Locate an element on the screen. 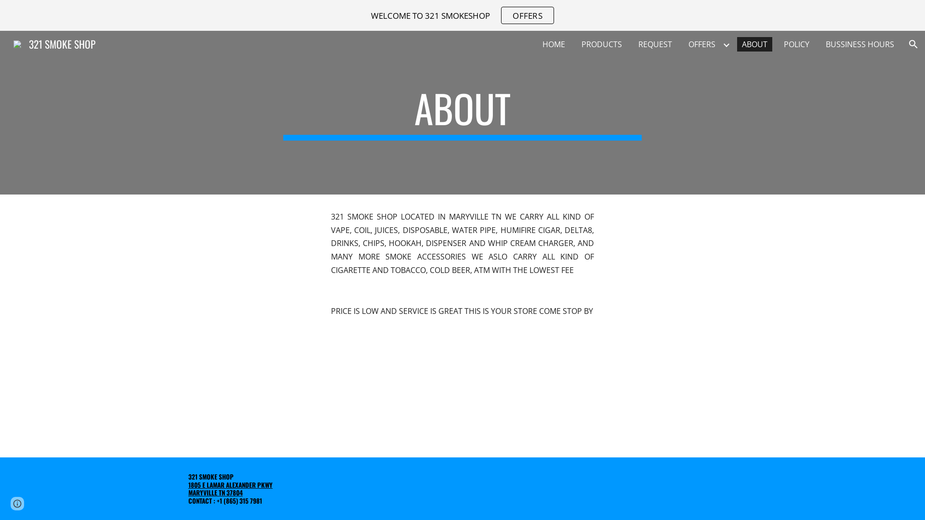 This screenshot has height=520, width=925. 'PRODUCTS' is located at coordinates (601, 44).